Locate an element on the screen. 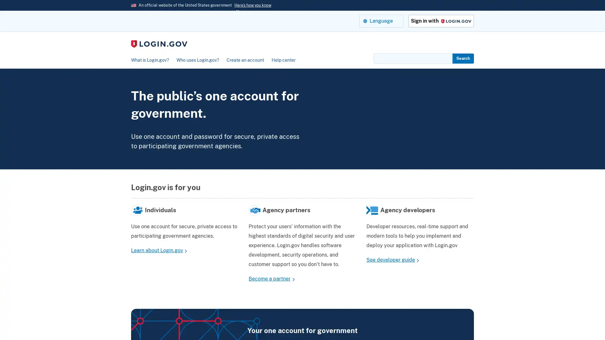 This screenshot has width=605, height=340. Language is located at coordinates (381, 20).